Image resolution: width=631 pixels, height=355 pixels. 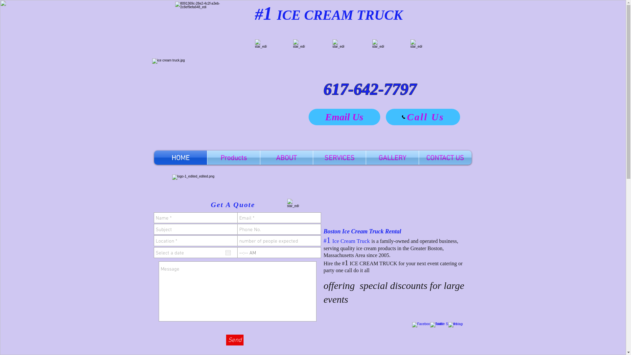 I want to click on 'GALLERY', so click(x=392, y=157).